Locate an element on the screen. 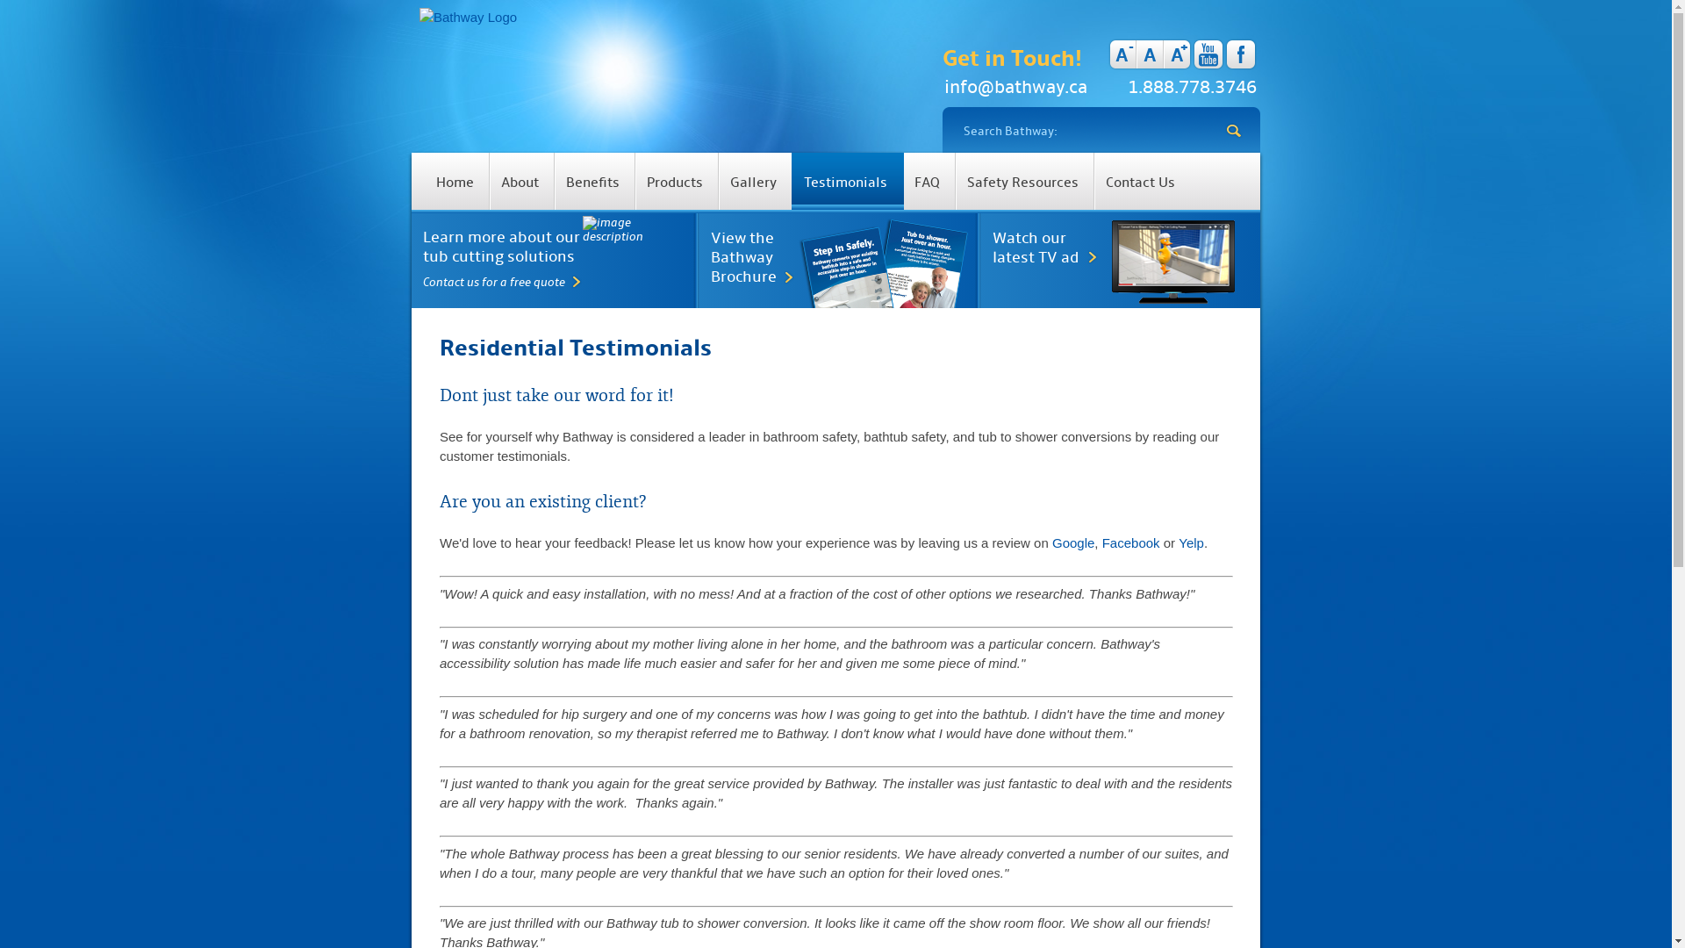 Image resolution: width=1685 pixels, height=948 pixels. 'Bathway The tub cutting people' is located at coordinates (468, 17).